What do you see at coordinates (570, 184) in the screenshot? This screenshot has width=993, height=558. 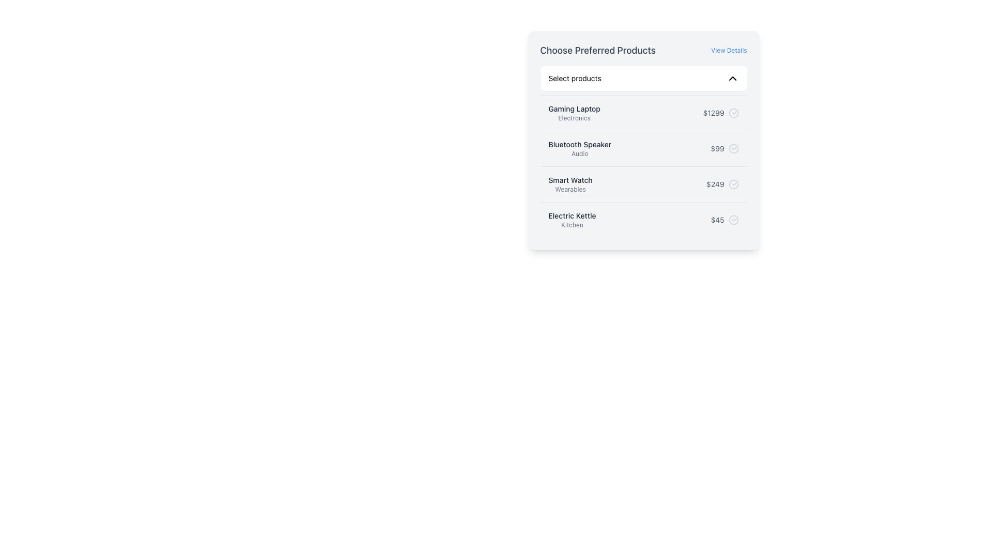 I see `the two-line textual element labeled 'Smart Watch' with 'Wearables' underneath, which is positioned third in a vertically listed product menu` at bounding box center [570, 184].